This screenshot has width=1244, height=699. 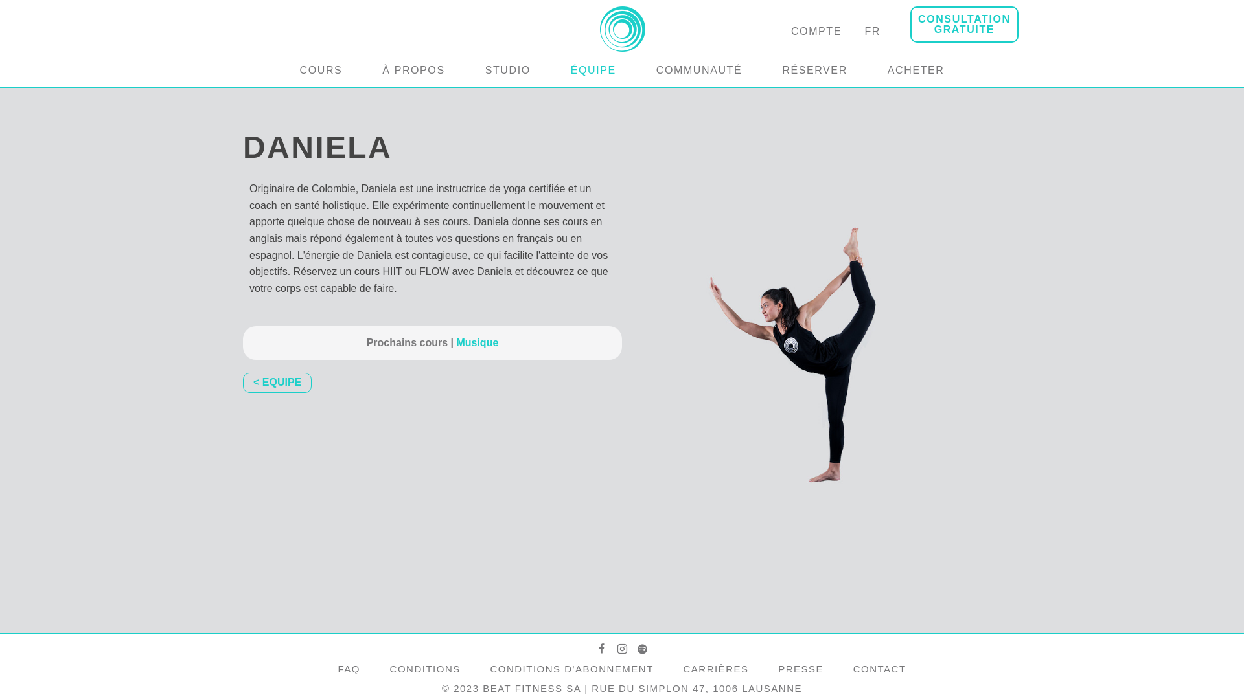 I want to click on '< EQUIPE', so click(x=276, y=381).